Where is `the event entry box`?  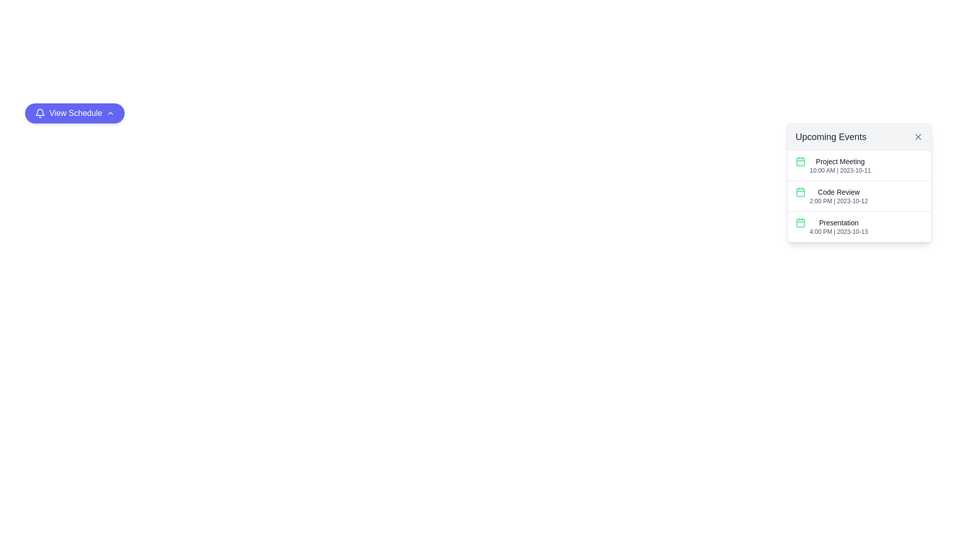 the event entry box is located at coordinates (840, 165).